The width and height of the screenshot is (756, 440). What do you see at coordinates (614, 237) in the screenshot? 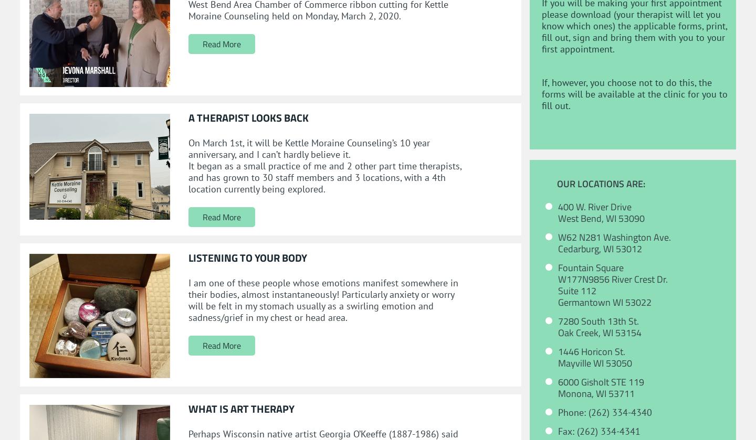
I see `'W62 N281 Washington Ave.'` at bounding box center [614, 237].